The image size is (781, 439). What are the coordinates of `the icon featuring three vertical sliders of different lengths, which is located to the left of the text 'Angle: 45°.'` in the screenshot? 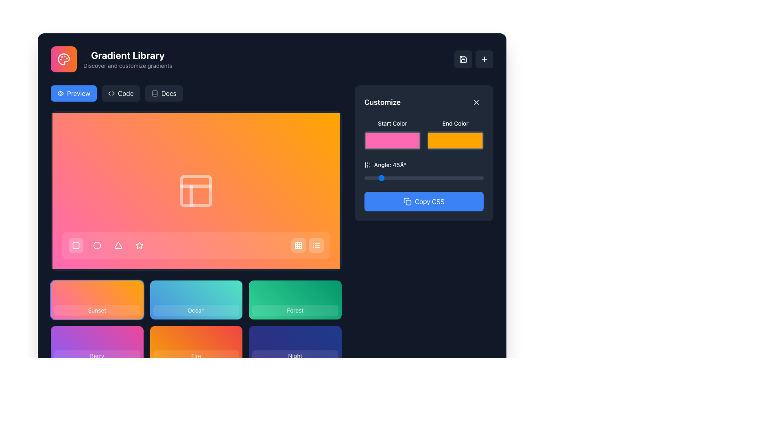 It's located at (367, 165).